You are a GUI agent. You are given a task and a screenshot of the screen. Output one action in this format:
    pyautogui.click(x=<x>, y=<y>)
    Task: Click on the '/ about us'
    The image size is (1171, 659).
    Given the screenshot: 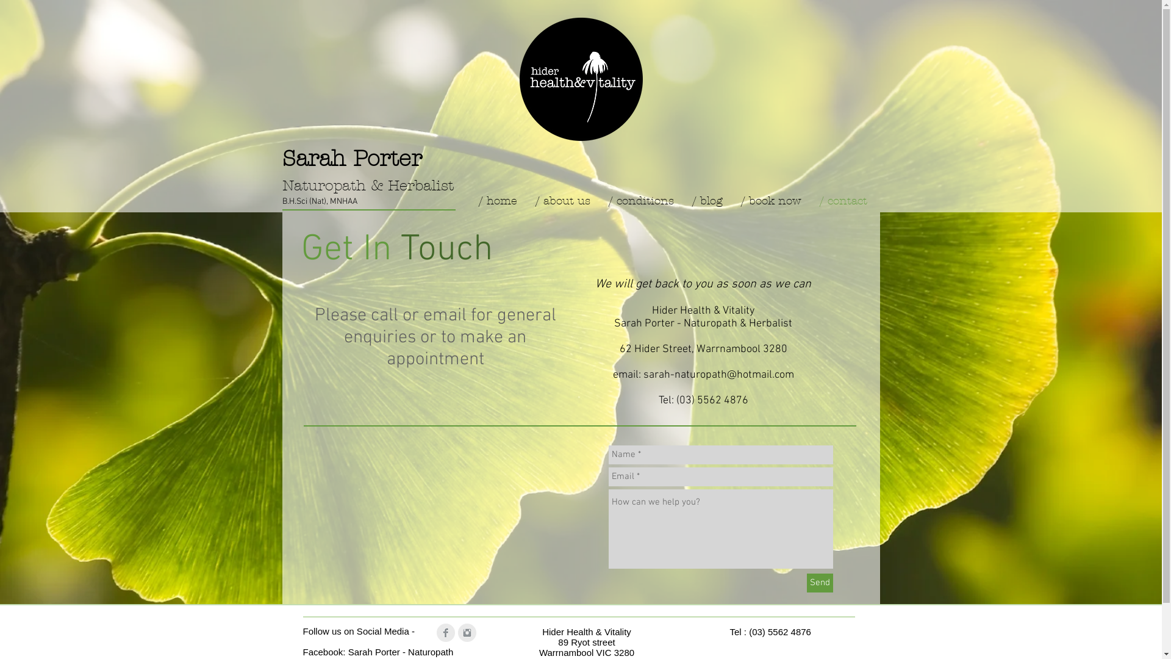 What is the action you would take?
    pyautogui.click(x=526, y=201)
    